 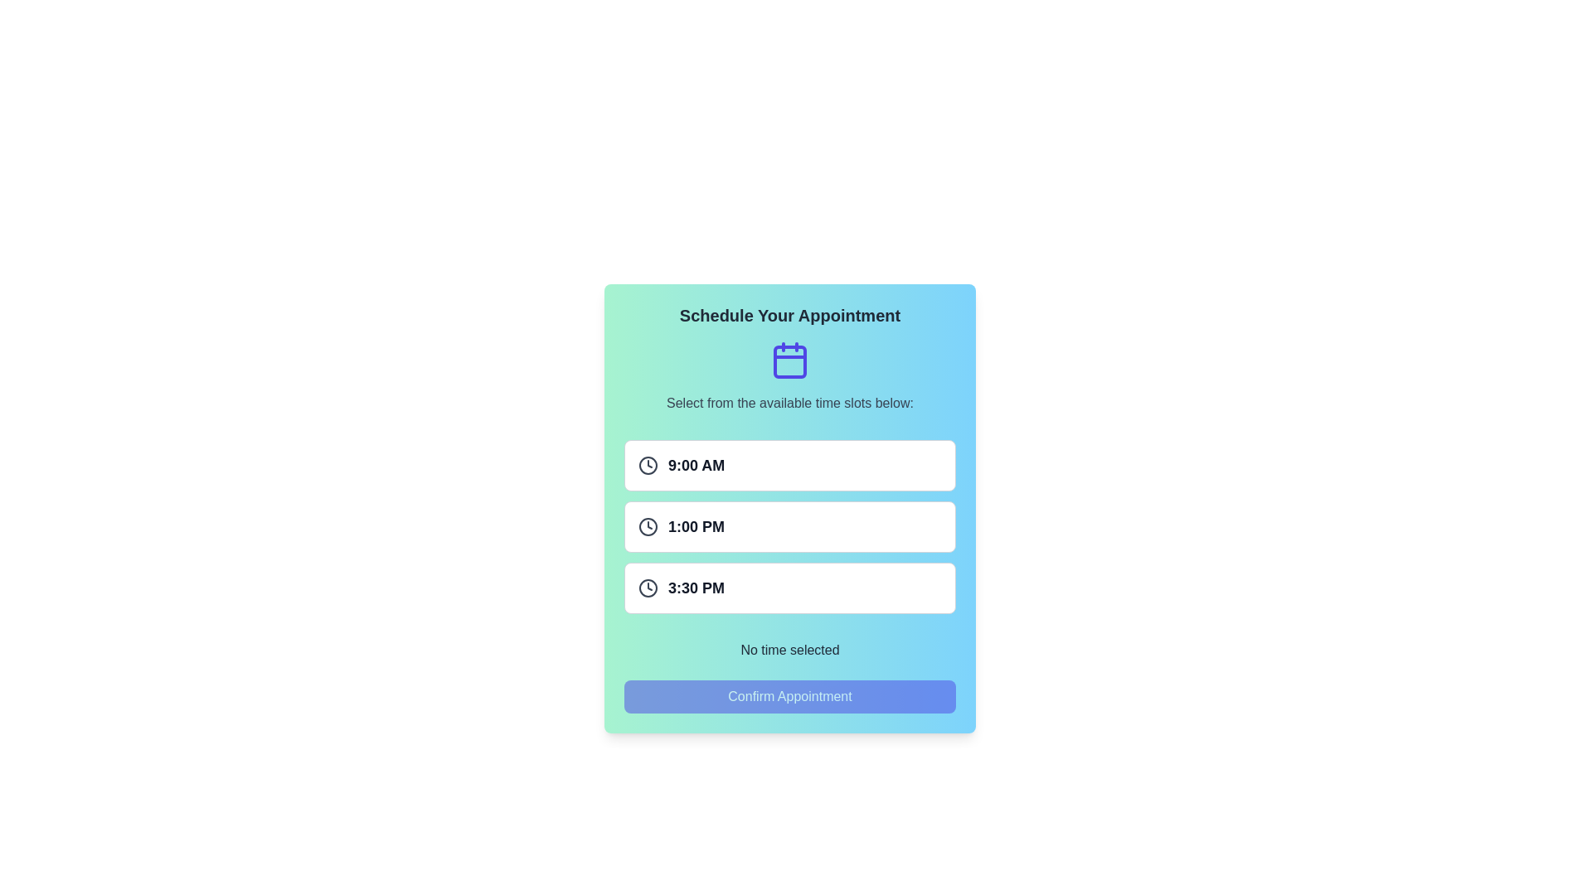 What do you see at coordinates (696, 587) in the screenshot?
I see `displayed time '3:30 PM' from the bold text label located in the third selectable time slot under the 'Schedule Your Appointment' section` at bounding box center [696, 587].